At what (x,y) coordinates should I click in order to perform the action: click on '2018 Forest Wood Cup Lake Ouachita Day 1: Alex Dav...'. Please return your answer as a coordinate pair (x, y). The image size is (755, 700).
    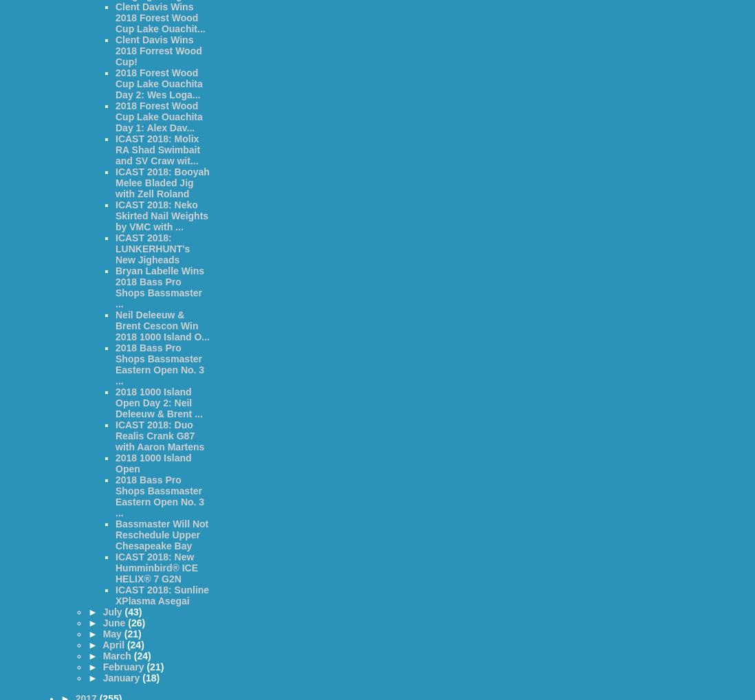
    Looking at the image, I should click on (158, 117).